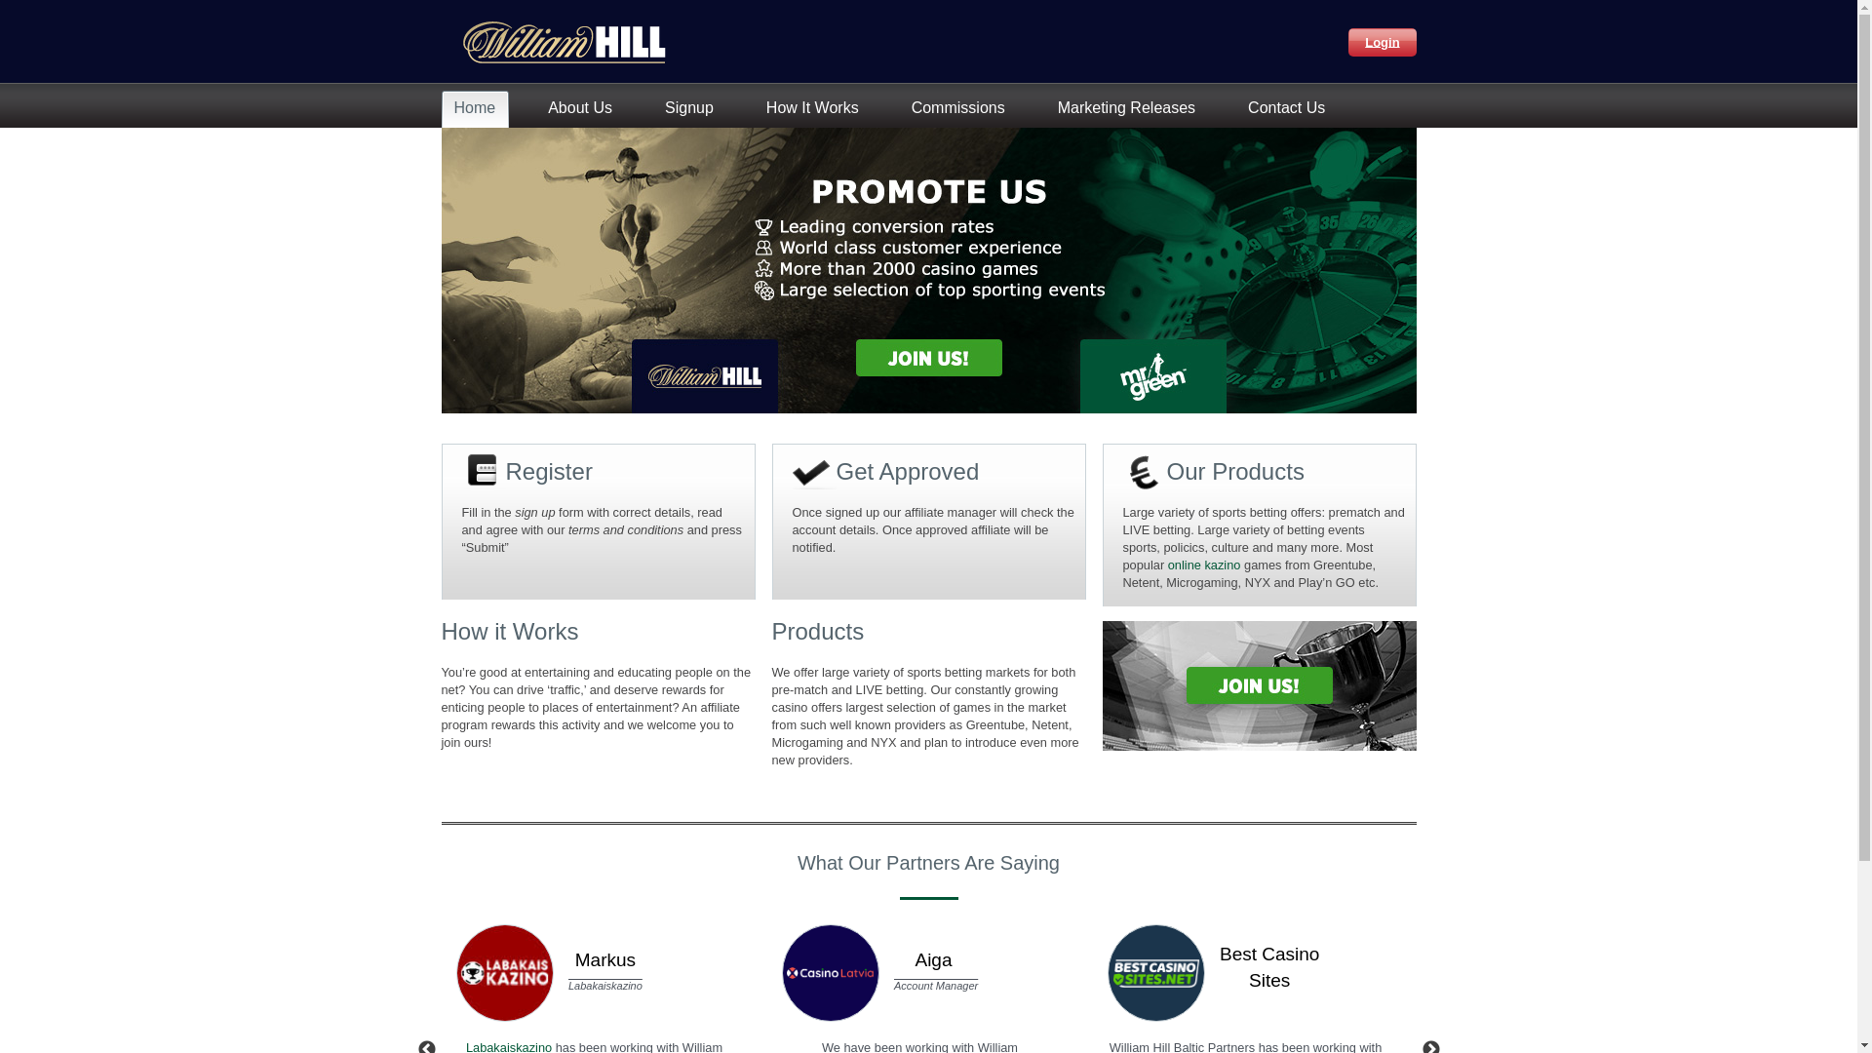  I want to click on 'online kazino', so click(1203, 565).